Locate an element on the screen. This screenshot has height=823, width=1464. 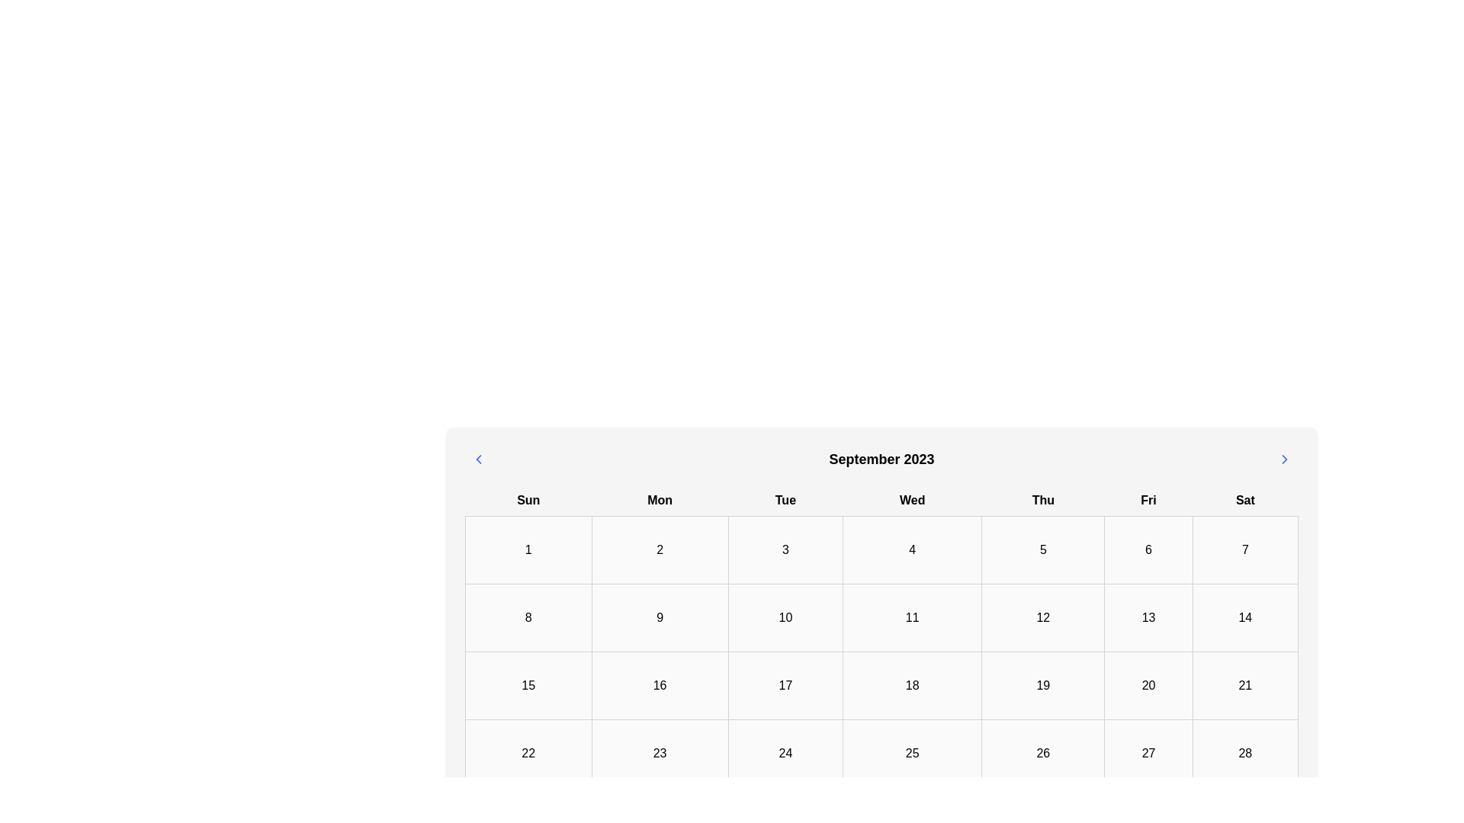
the button that represents the 25th date on the calendar is located at coordinates (912, 752).